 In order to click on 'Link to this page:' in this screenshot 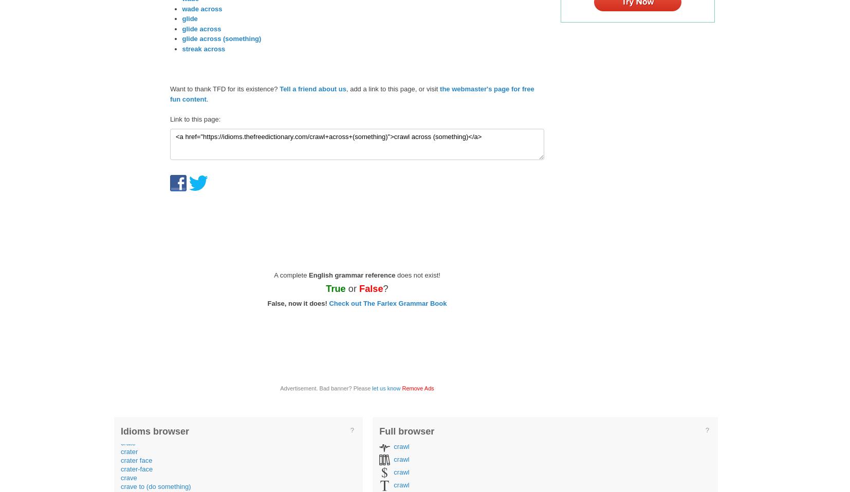, I will do `click(169, 119)`.